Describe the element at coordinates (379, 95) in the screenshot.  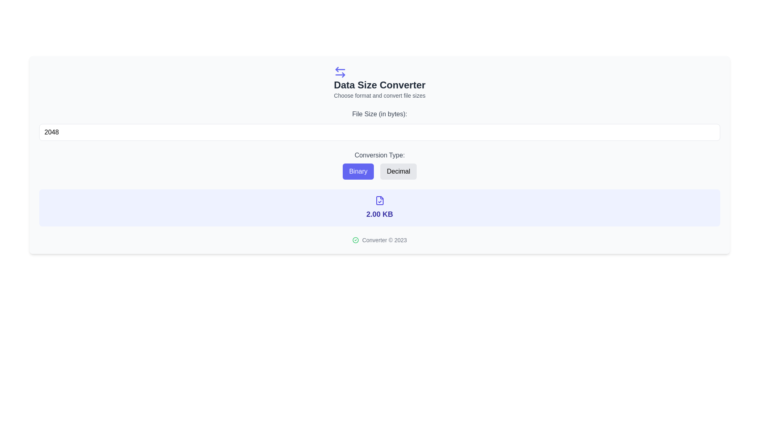
I see `the text label providing information about format selection and file size conversion, located directly beneath the title 'Data Size Converter'` at that location.